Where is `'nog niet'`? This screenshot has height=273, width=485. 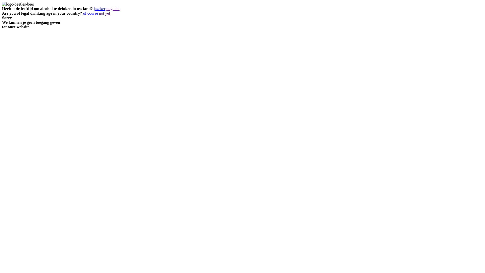
'nog niet' is located at coordinates (112, 9).